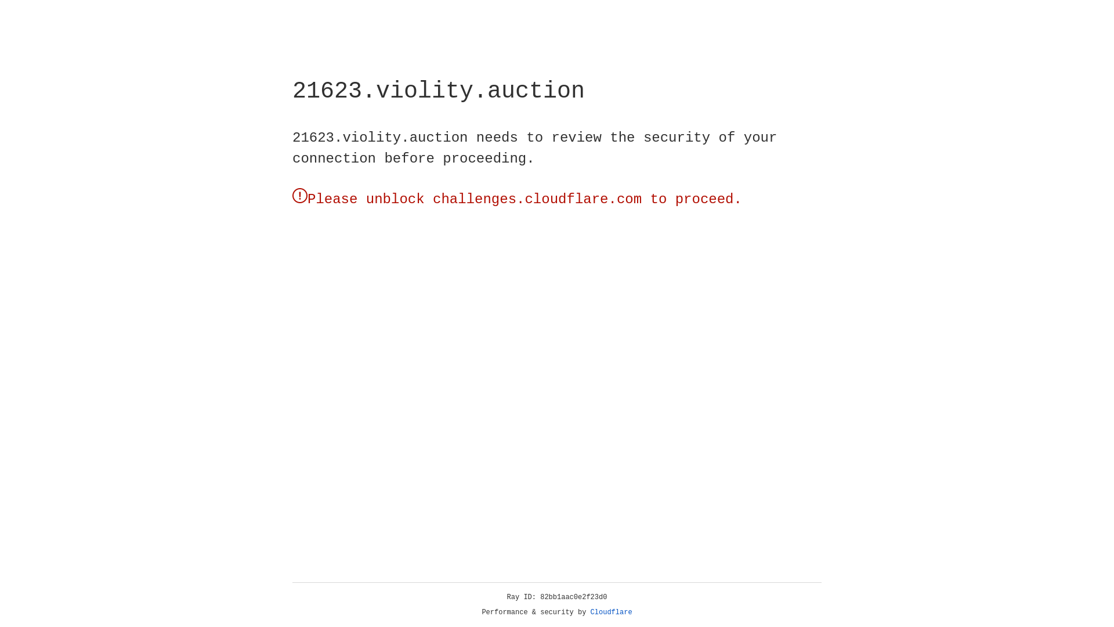 This screenshot has height=627, width=1114. I want to click on 'Cloudflare', so click(611, 612).